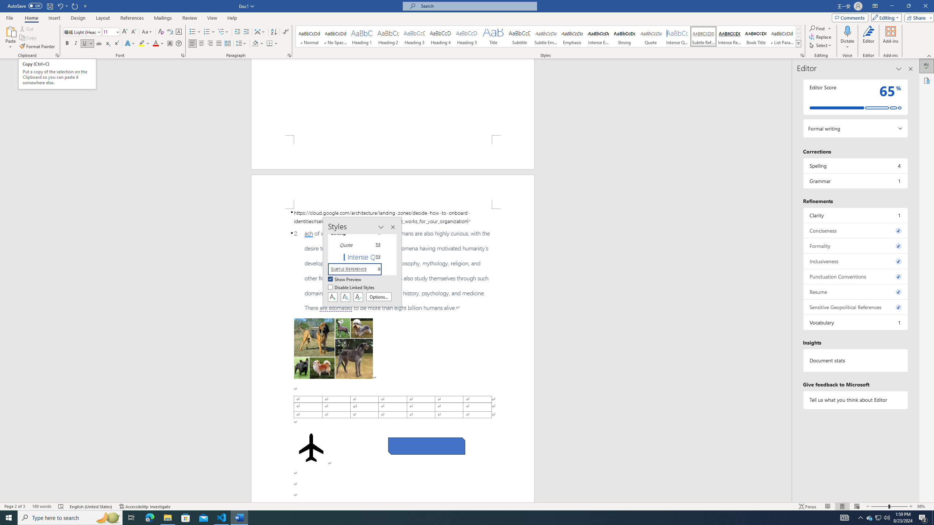  I want to click on 'Undo Style', so click(59, 5).